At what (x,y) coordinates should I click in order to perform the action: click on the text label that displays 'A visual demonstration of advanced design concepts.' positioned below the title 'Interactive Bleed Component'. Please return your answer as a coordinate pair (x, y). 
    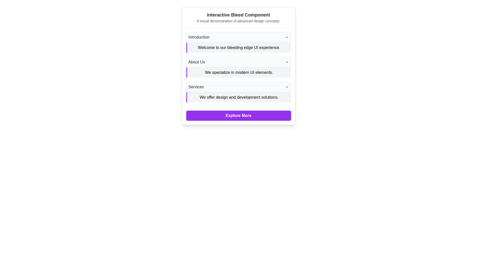
    Looking at the image, I should click on (238, 21).